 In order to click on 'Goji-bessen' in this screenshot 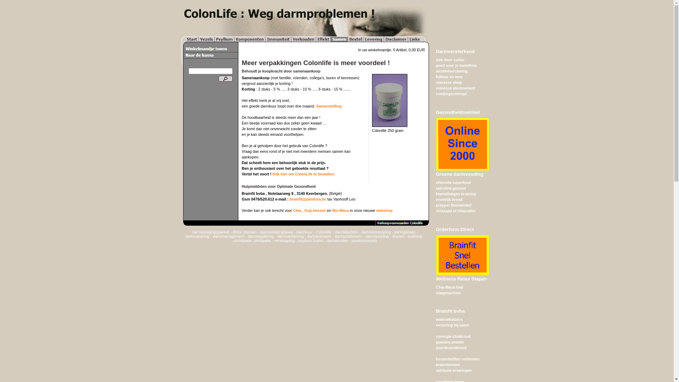, I will do `click(304, 210)`.